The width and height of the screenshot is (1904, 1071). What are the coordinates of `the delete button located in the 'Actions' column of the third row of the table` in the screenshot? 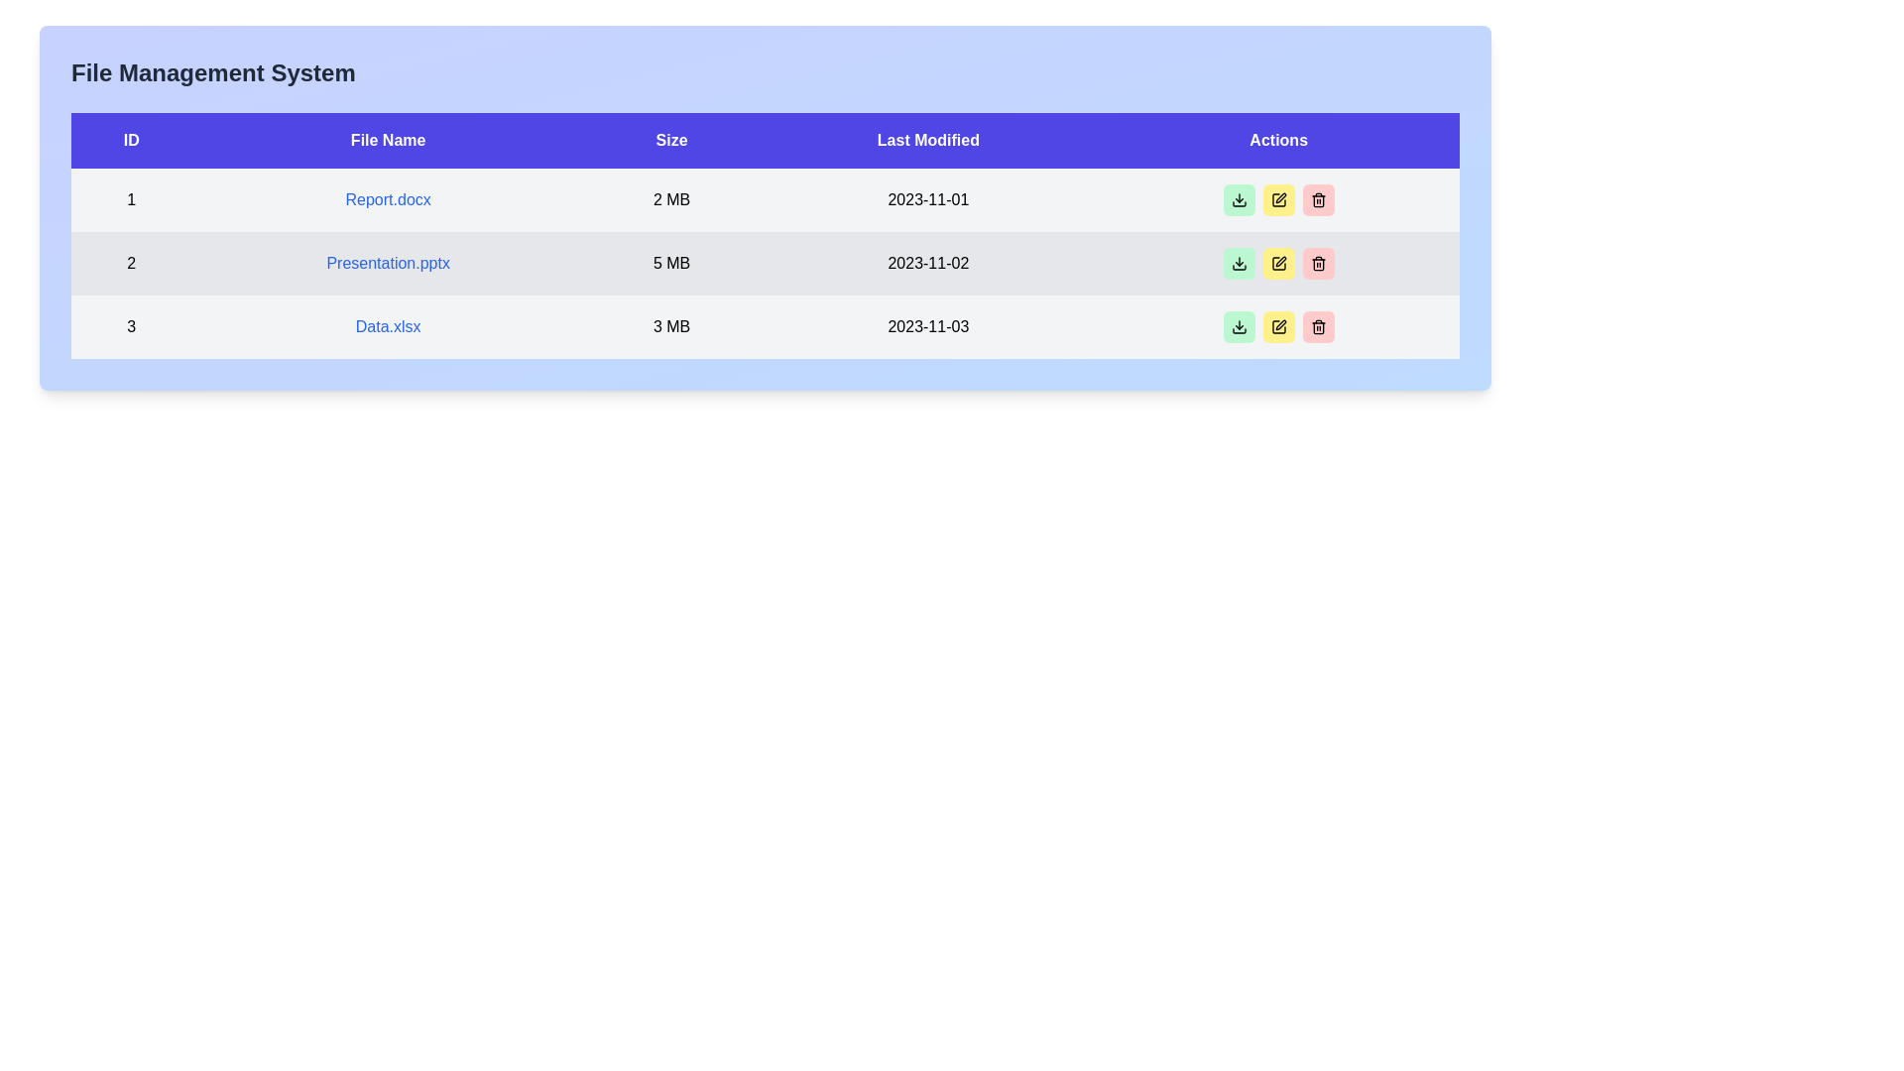 It's located at (1318, 326).